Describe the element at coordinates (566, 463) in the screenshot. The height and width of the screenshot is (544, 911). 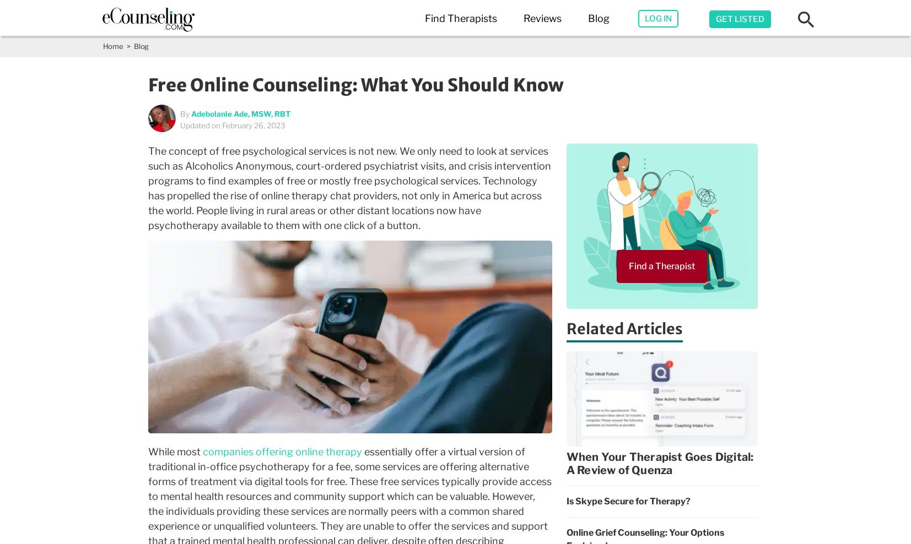
I see `'When Your Therapist Goes Digital: A Review of Quenza'` at that location.